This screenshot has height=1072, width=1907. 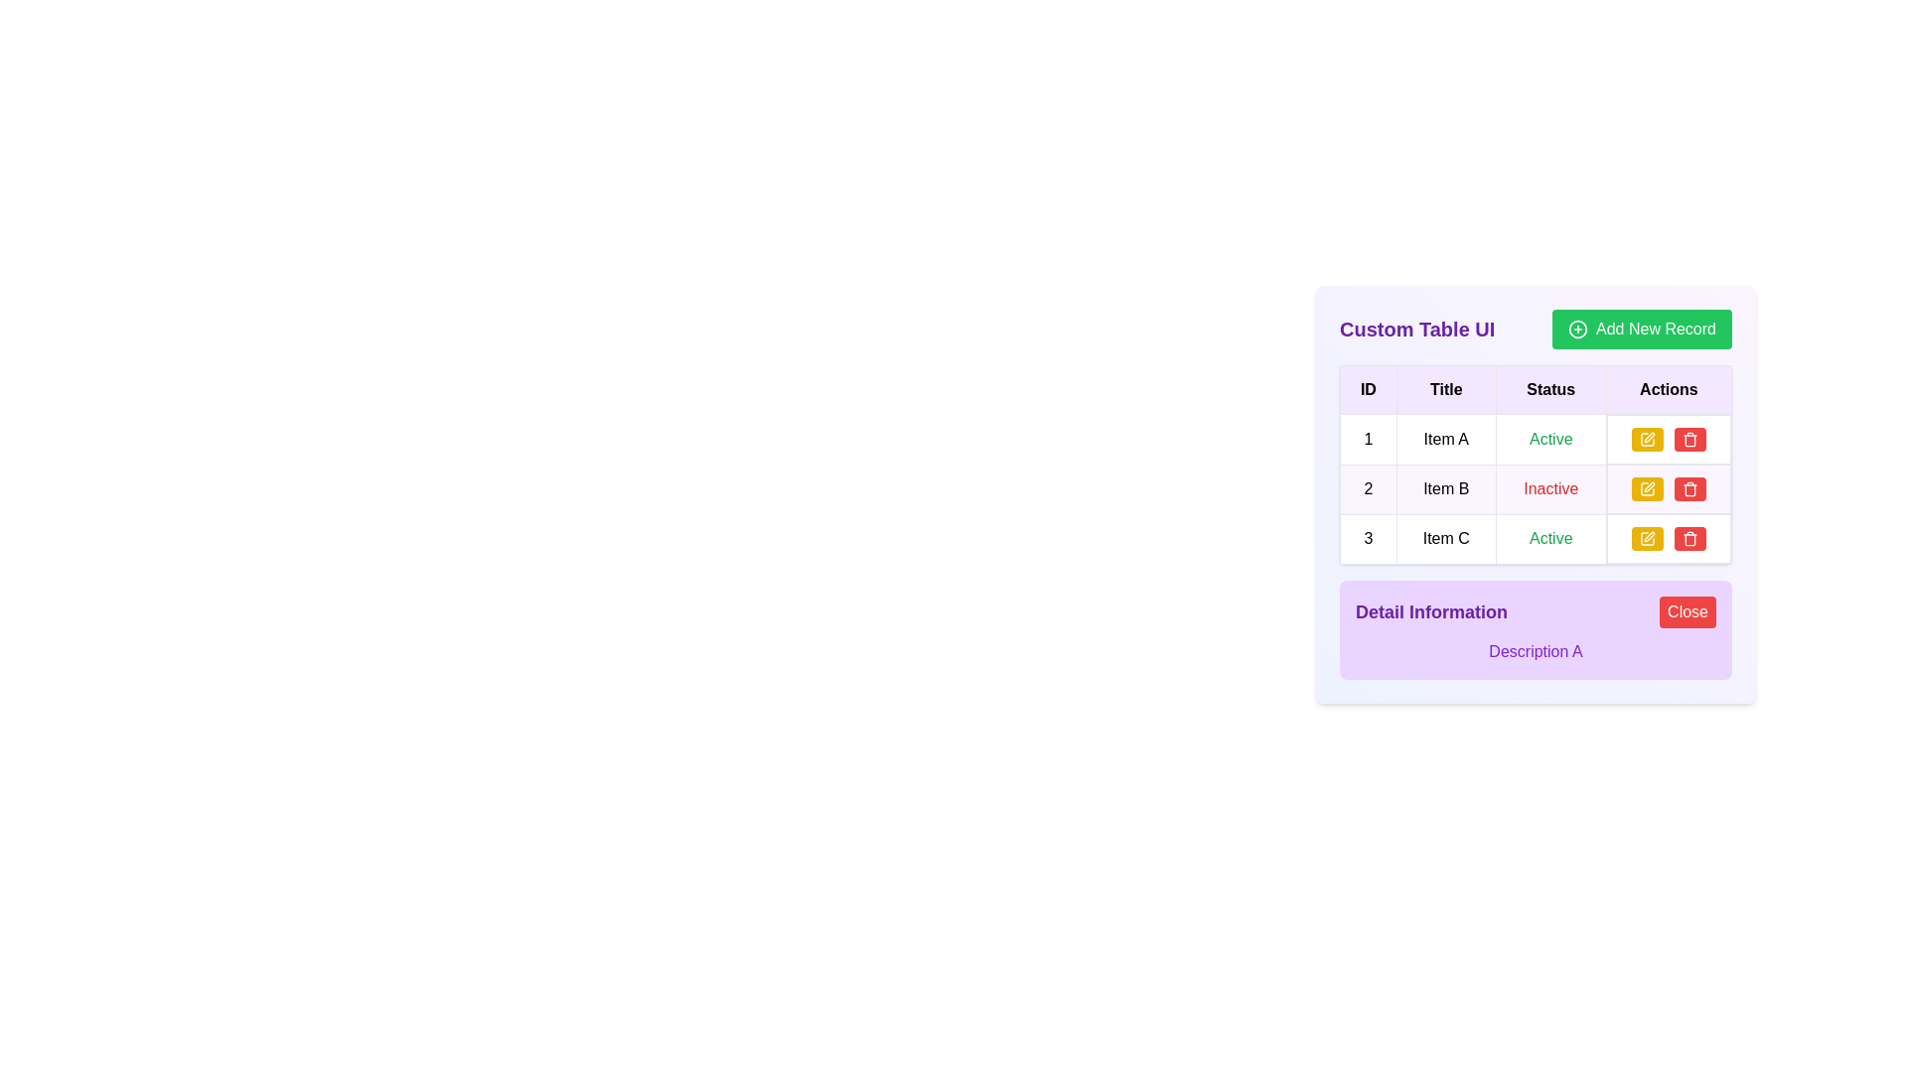 I want to click on the edit icon button with a pen symbol on a yellow background located in the 'Actions' column next to 'Item B', so click(x=1647, y=489).